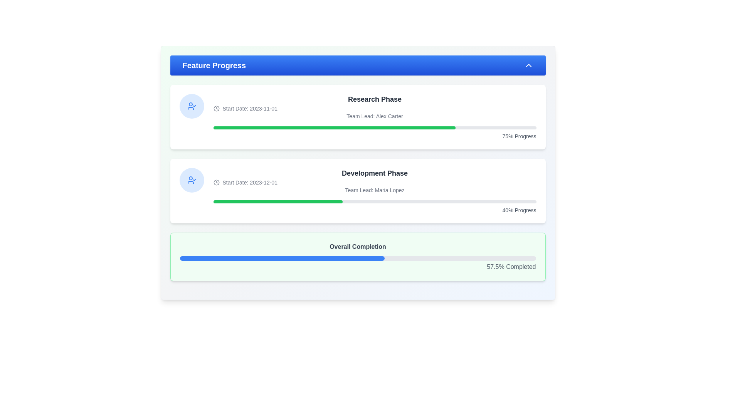 Image resolution: width=740 pixels, height=416 pixels. What do you see at coordinates (528, 65) in the screenshot?
I see `the icon located at the top right corner of the 'Feature Progress' section header` at bounding box center [528, 65].